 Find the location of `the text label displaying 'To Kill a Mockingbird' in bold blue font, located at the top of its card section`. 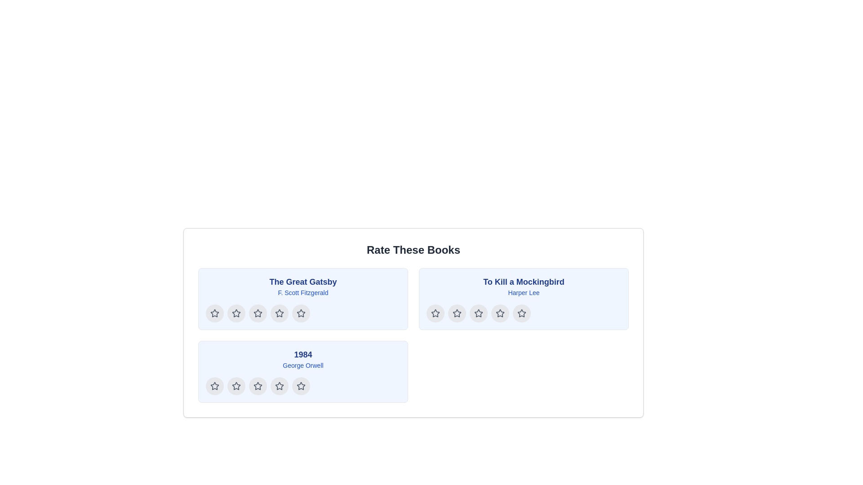

the text label displaying 'To Kill a Mockingbird' in bold blue font, located at the top of its card section is located at coordinates (524, 282).